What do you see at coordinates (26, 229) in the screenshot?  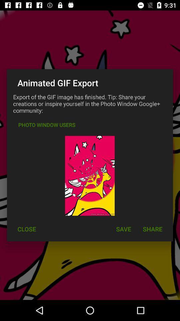 I see `icon below photo window users icon` at bounding box center [26, 229].